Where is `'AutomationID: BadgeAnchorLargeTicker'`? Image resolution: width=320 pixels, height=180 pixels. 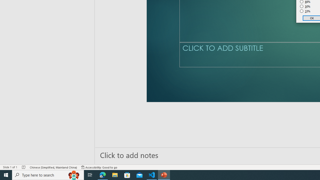 'AutomationID: BadgeAnchorLargeTicker' is located at coordinates (11, 171).